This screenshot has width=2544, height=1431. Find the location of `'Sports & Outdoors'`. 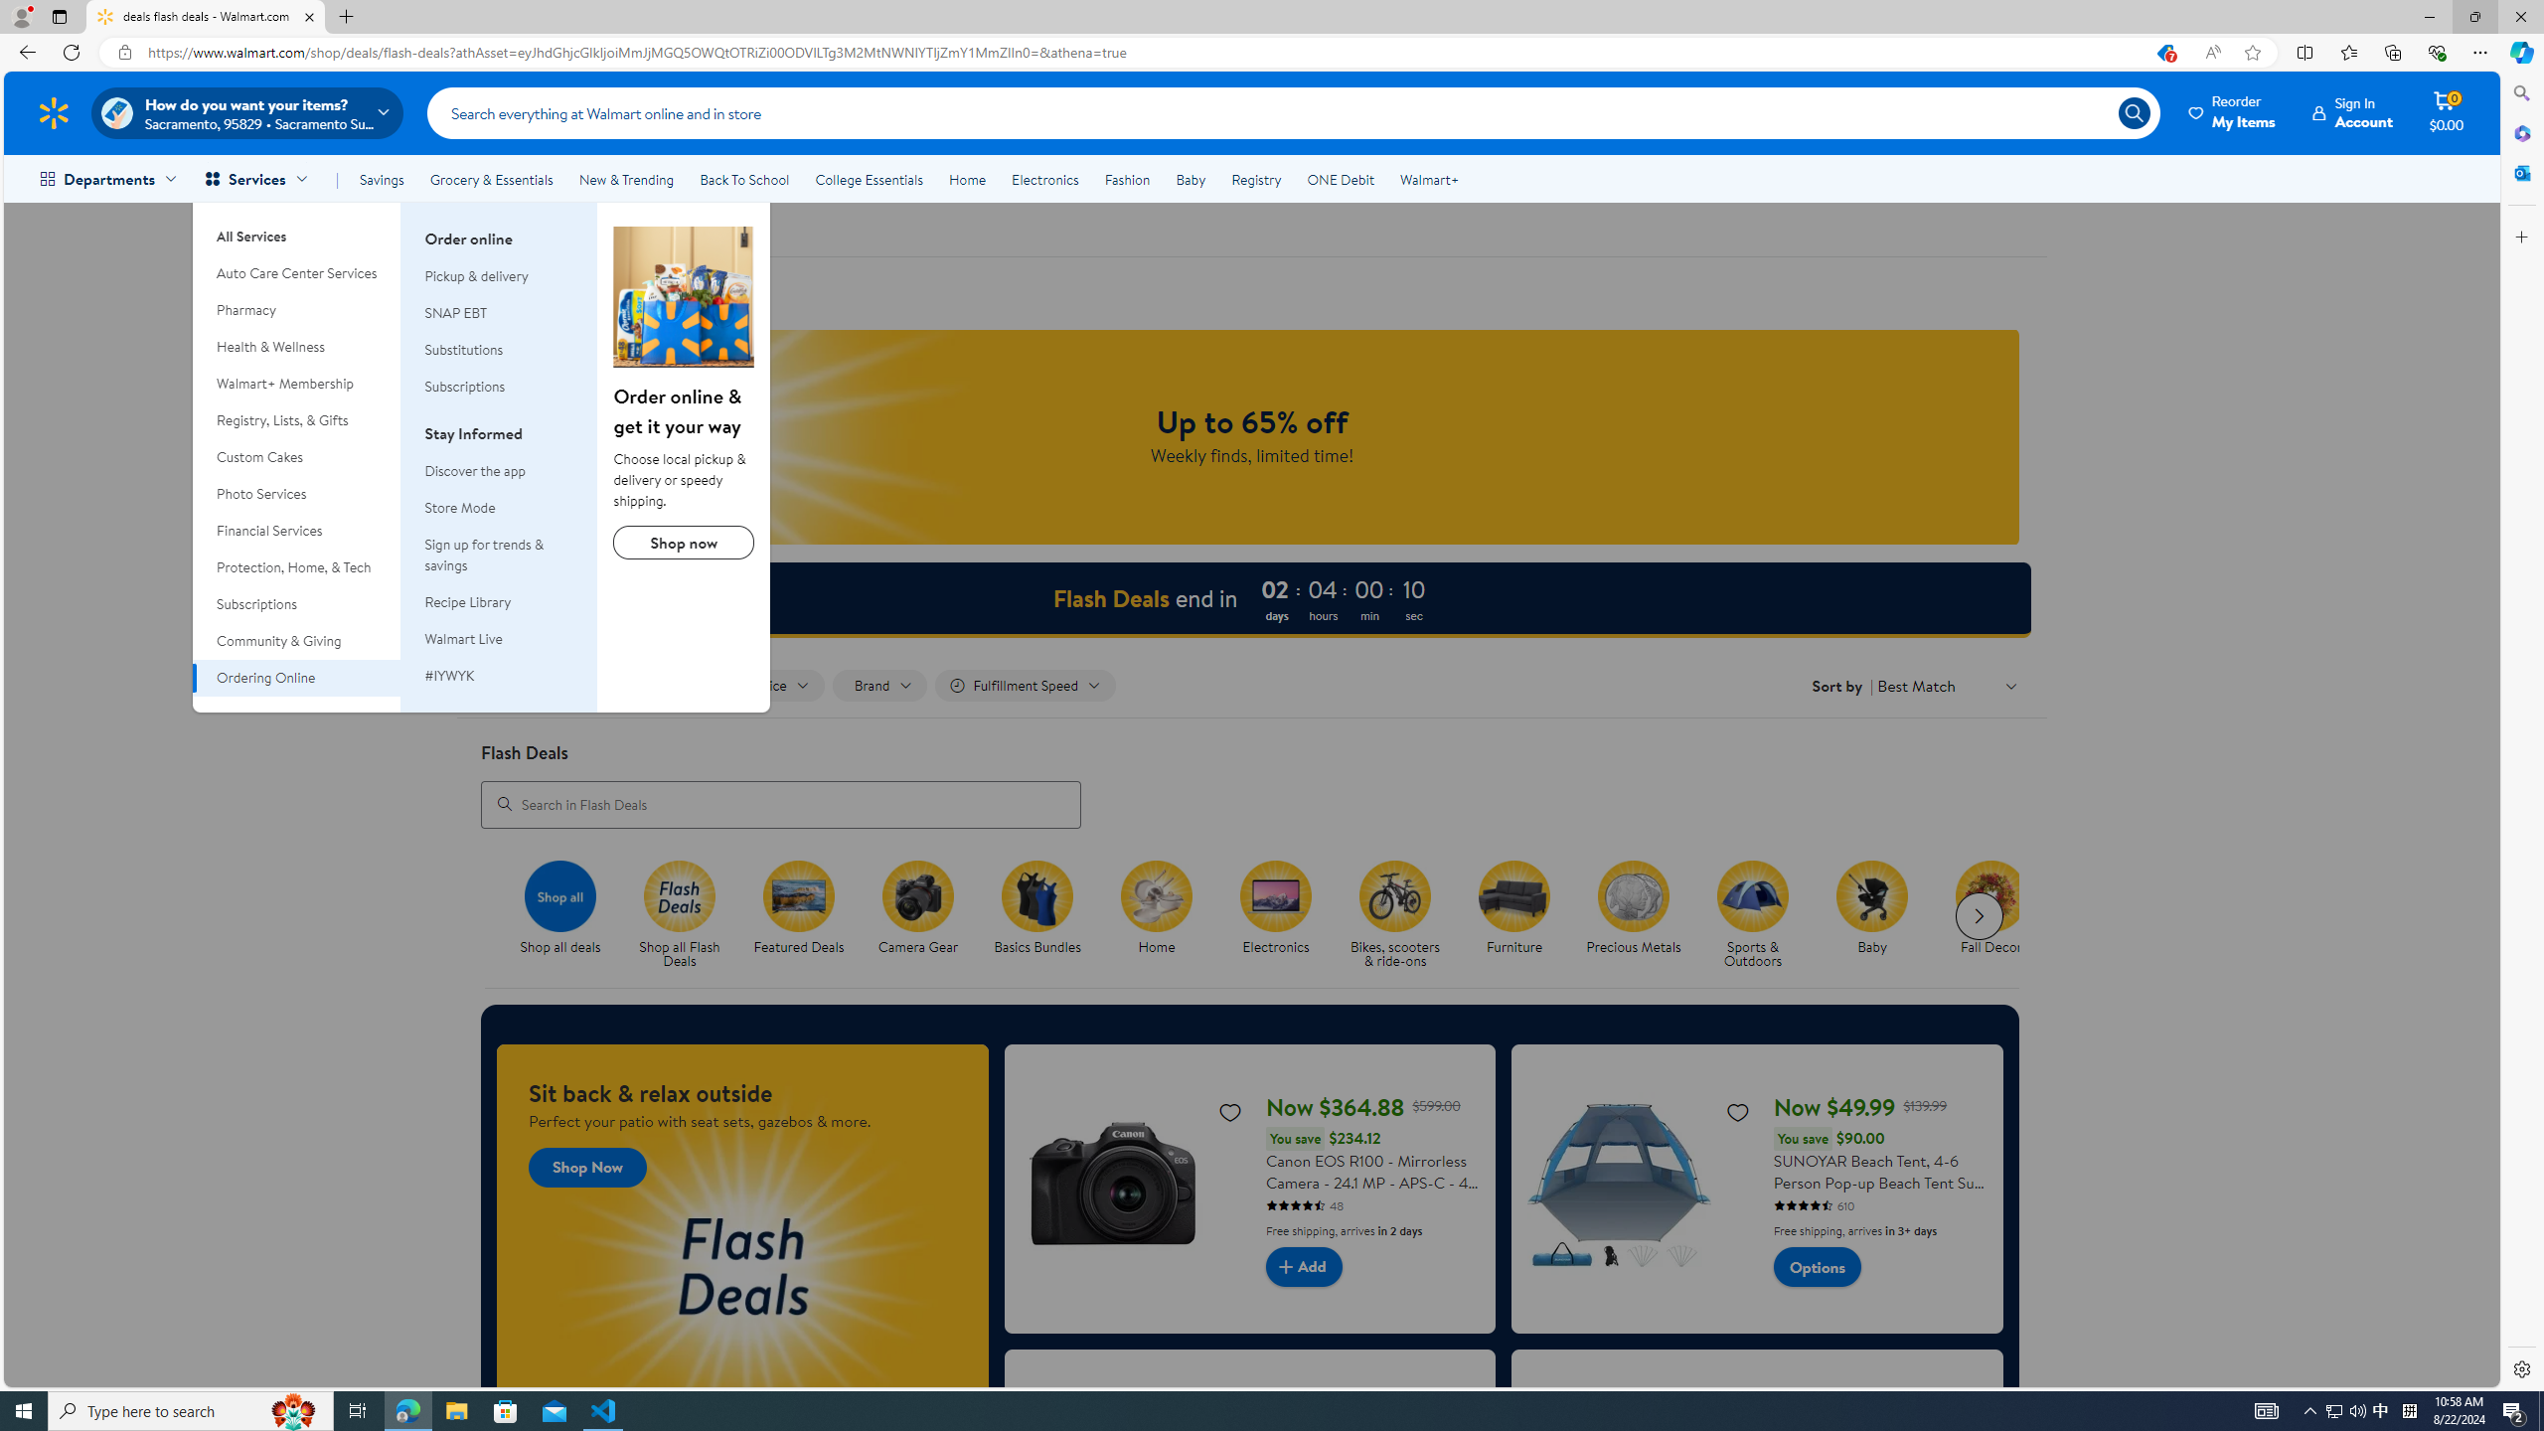

'Sports & Outdoors' is located at coordinates (1751, 894).